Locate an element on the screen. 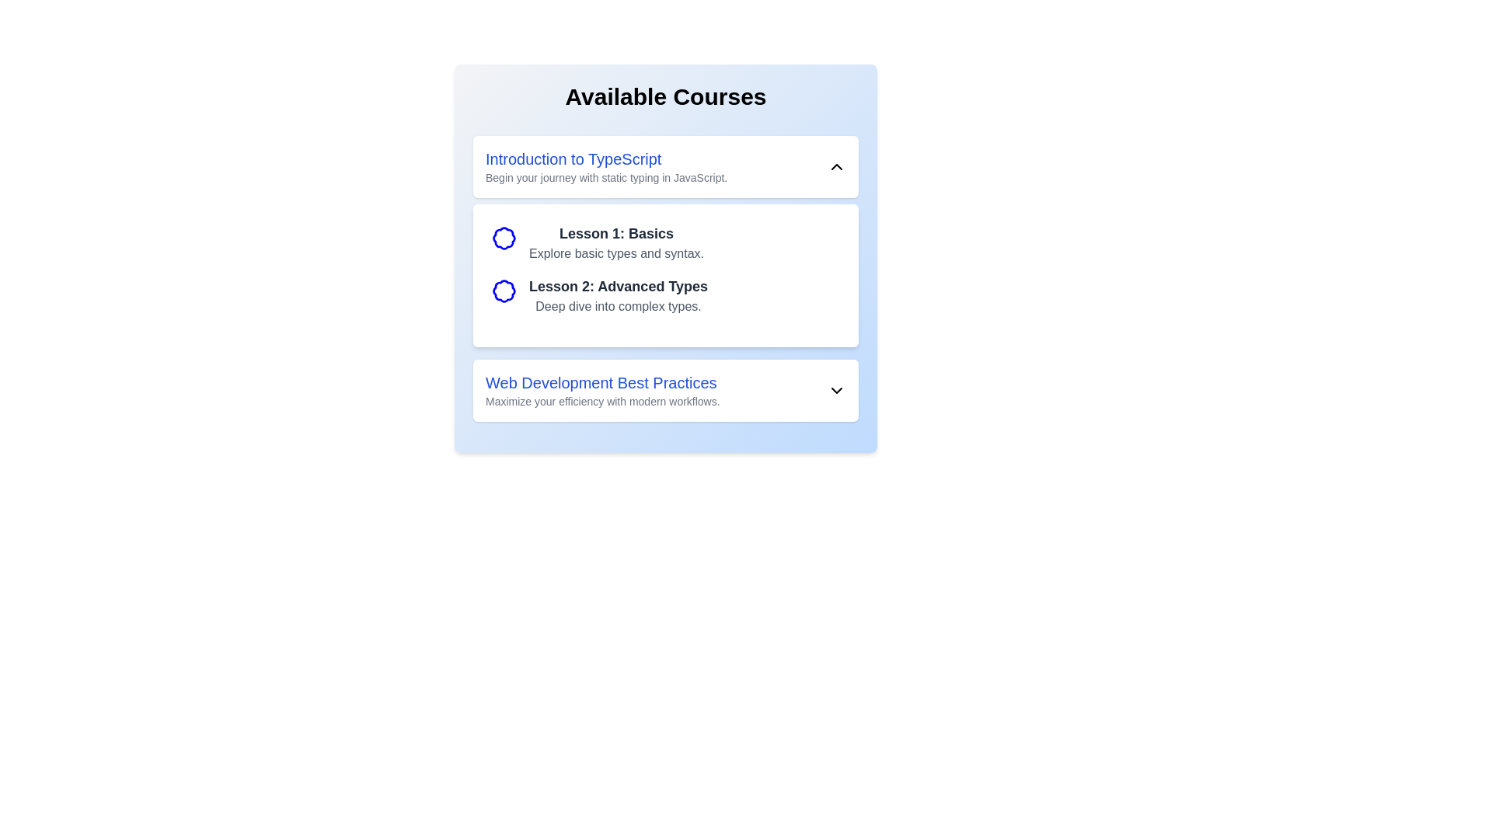  the chevron-up arrow icon located at the top-right side of the card containing the text 'Introduction to TypeScript', which allows collapsing the details of the card is located at coordinates (835, 167).